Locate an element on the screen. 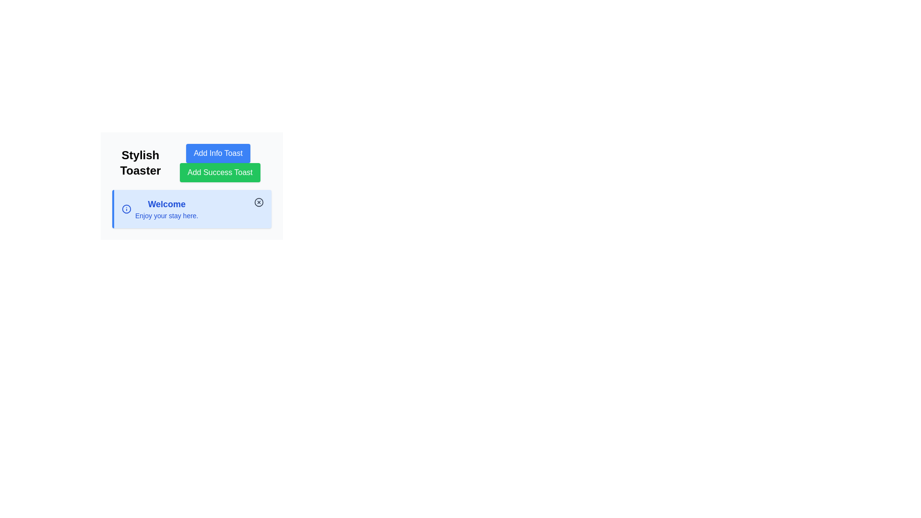  the second button in a horizontal alignment that triggers a success notification when clicked, to change its color is located at coordinates (219, 172).